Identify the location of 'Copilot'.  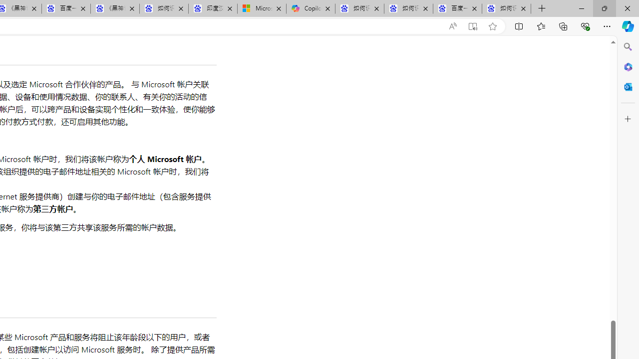
(310, 8).